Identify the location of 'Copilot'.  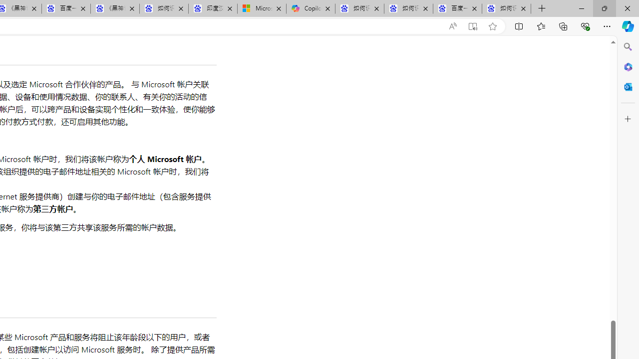
(310, 8).